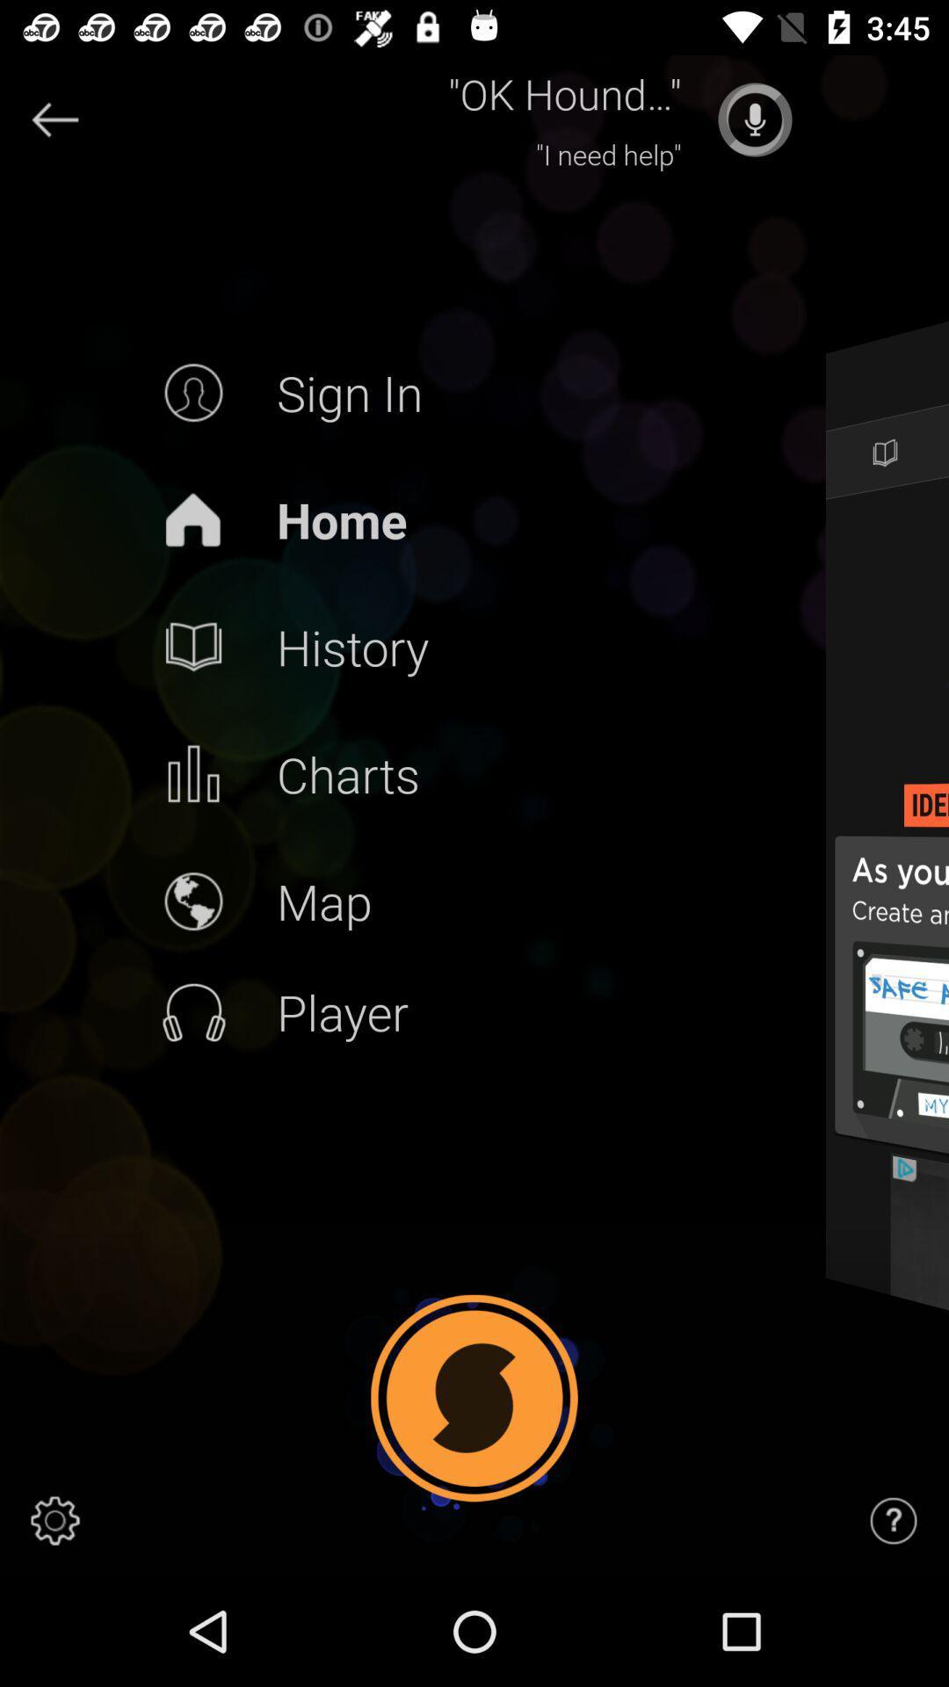  What do you see at coordinates (754, 119) in the screenshot?
I see `listen song` at bounding box center [754, 119].